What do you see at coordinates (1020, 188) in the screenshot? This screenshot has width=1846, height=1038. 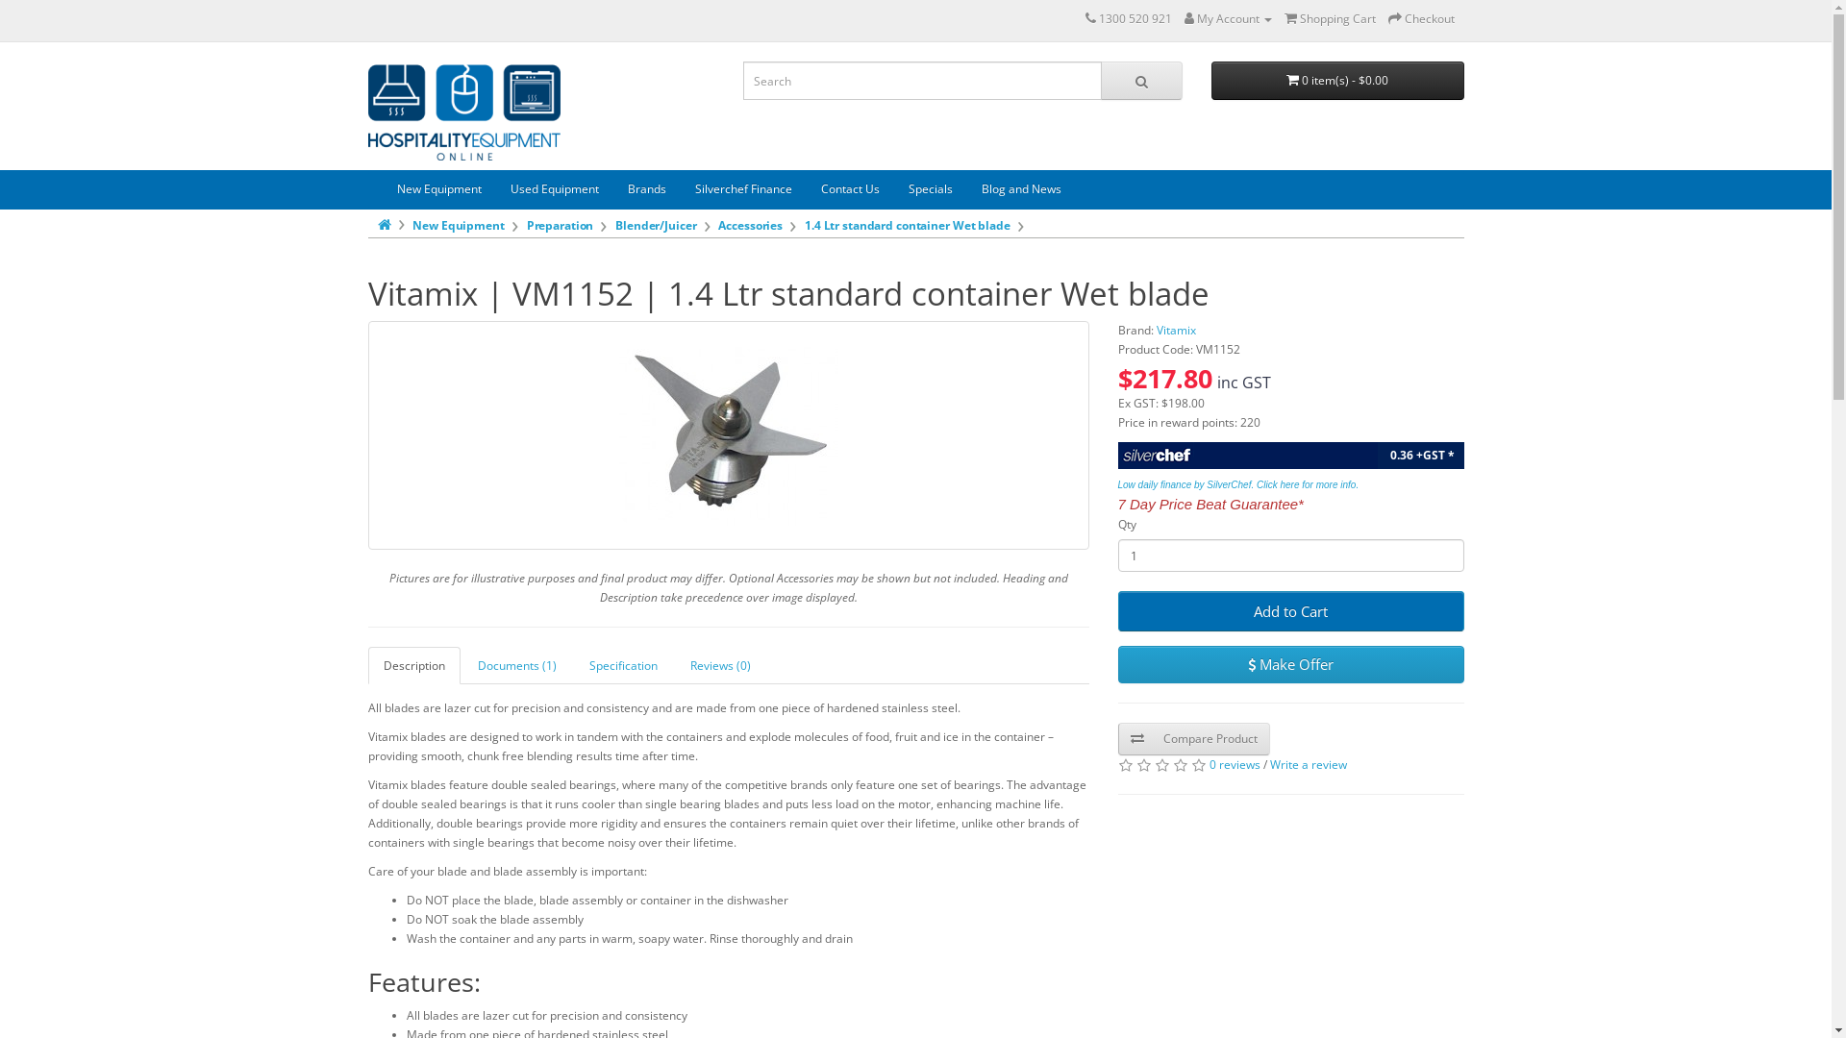 I see `'Blog and News'` at bounding box center [1020, 188].